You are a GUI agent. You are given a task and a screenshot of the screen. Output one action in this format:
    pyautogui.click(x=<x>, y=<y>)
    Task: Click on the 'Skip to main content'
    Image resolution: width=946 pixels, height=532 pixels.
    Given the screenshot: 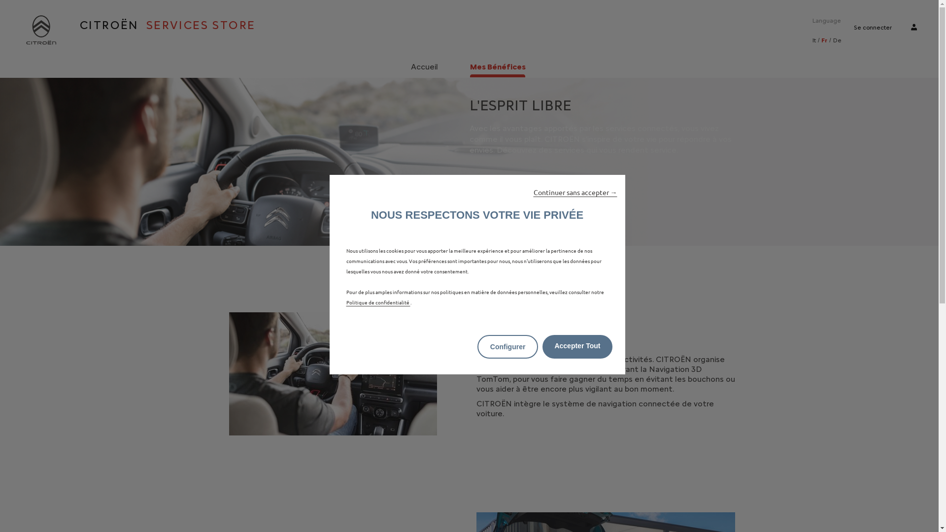 What is the action you would take?
    pyautogui.click(x=0, y=0)
    